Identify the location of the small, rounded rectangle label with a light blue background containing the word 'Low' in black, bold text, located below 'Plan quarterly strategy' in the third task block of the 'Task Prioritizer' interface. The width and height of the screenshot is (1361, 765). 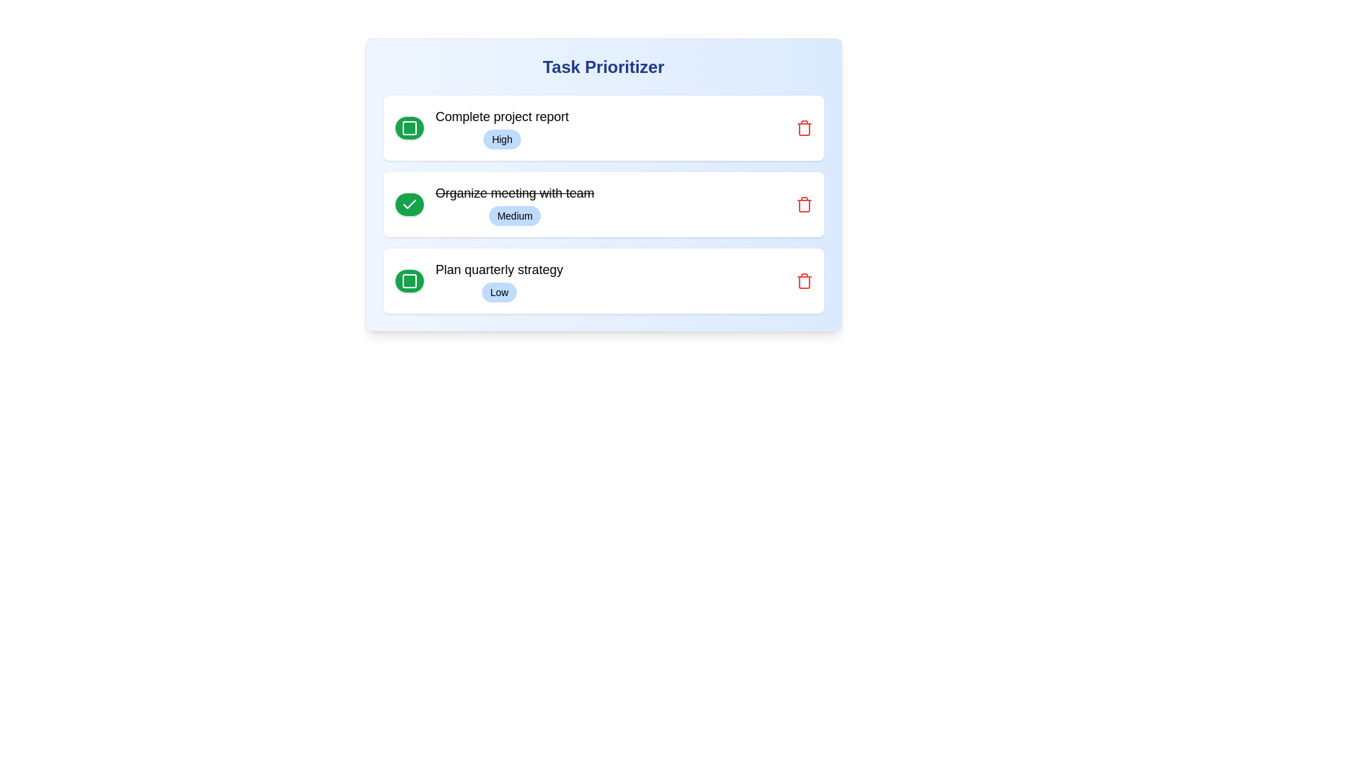
(499, 291).